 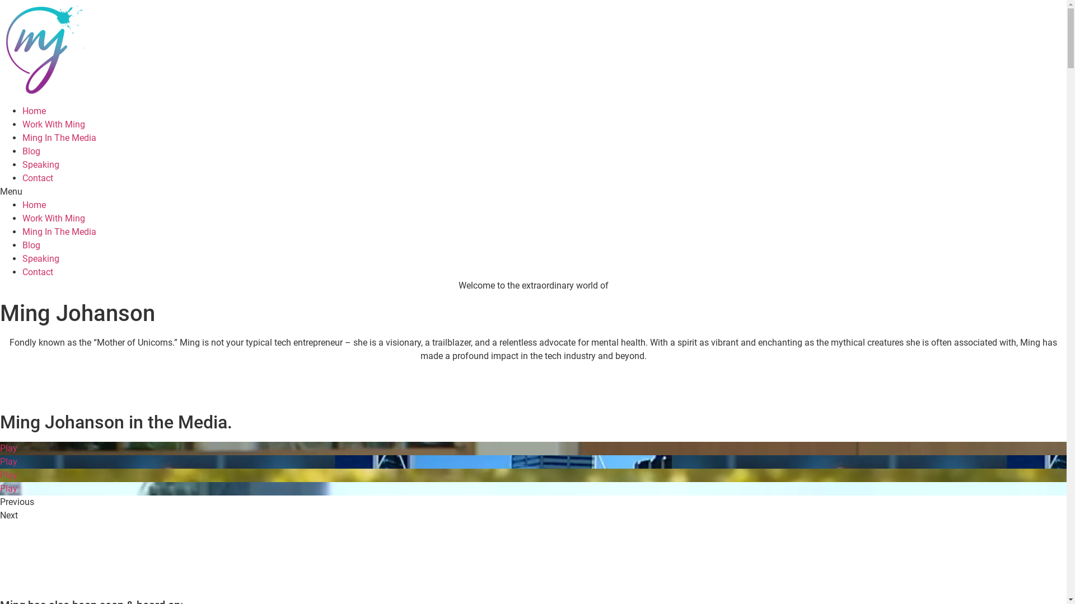 What do you see at coordinates (0, 575) in the screenshot?
I see `'Make A Media Enquiry'` at bounding box center [0, 575].